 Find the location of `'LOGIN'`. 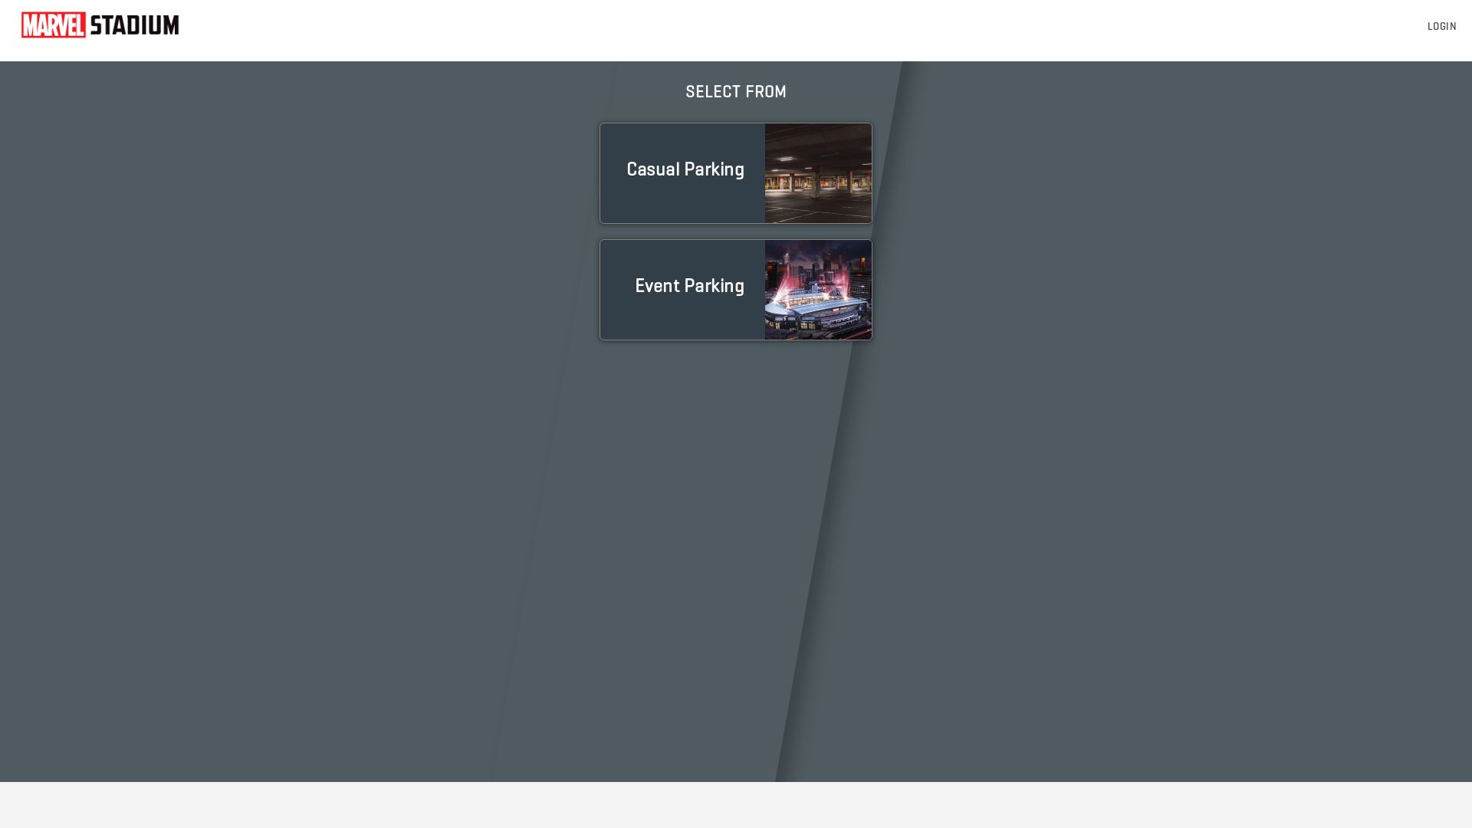

'LOGIN' is located at coordinates (1441, 26).